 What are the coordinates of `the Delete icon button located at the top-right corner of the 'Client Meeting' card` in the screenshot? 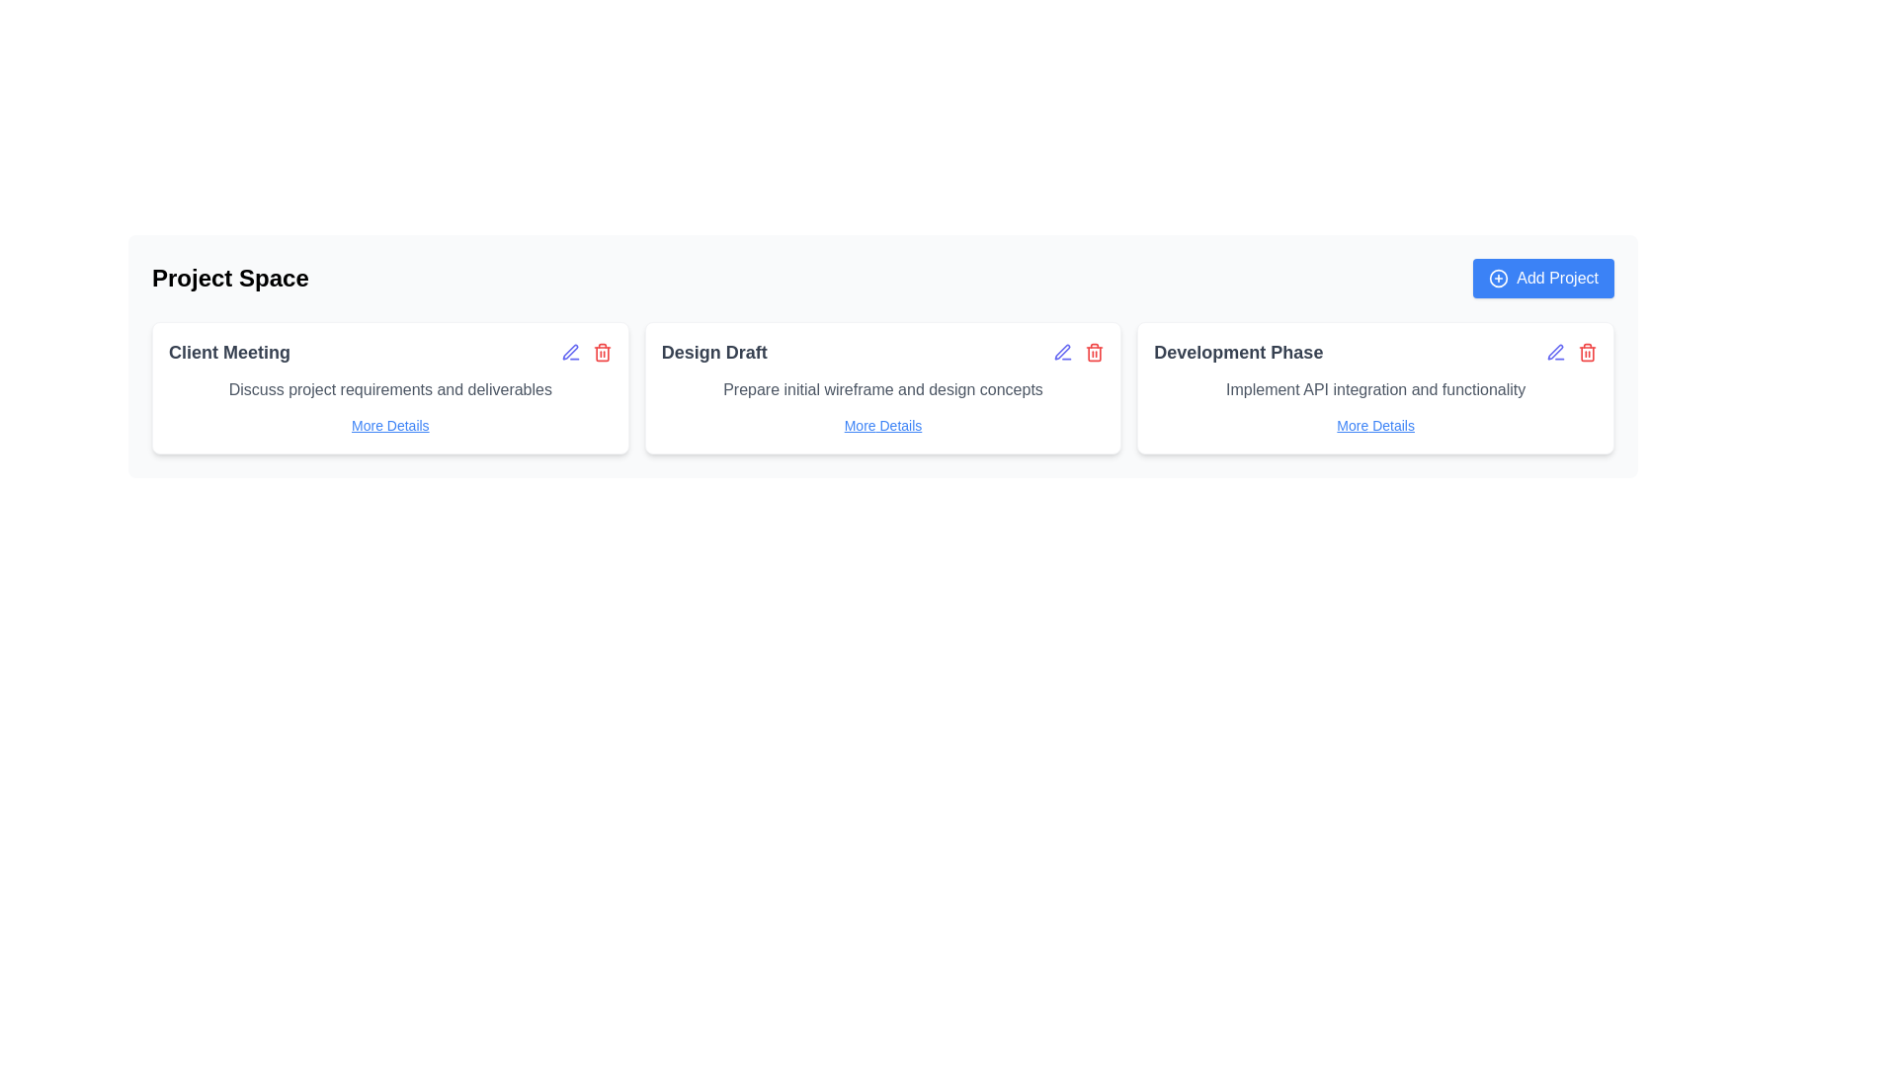 It's located at (601, 352).